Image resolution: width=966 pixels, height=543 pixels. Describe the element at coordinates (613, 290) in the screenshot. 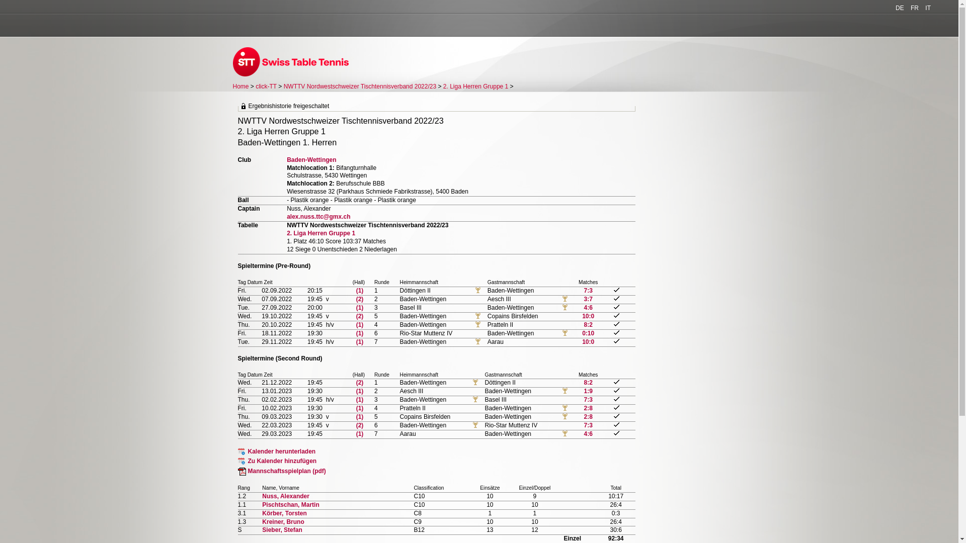

I see `'Spielbericht genehmigt'` at that location.